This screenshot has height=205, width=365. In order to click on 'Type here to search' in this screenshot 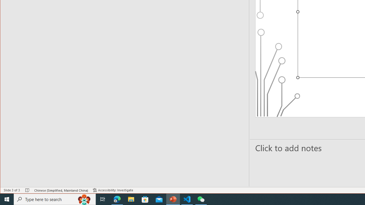, I will do `click(55, 199)`.